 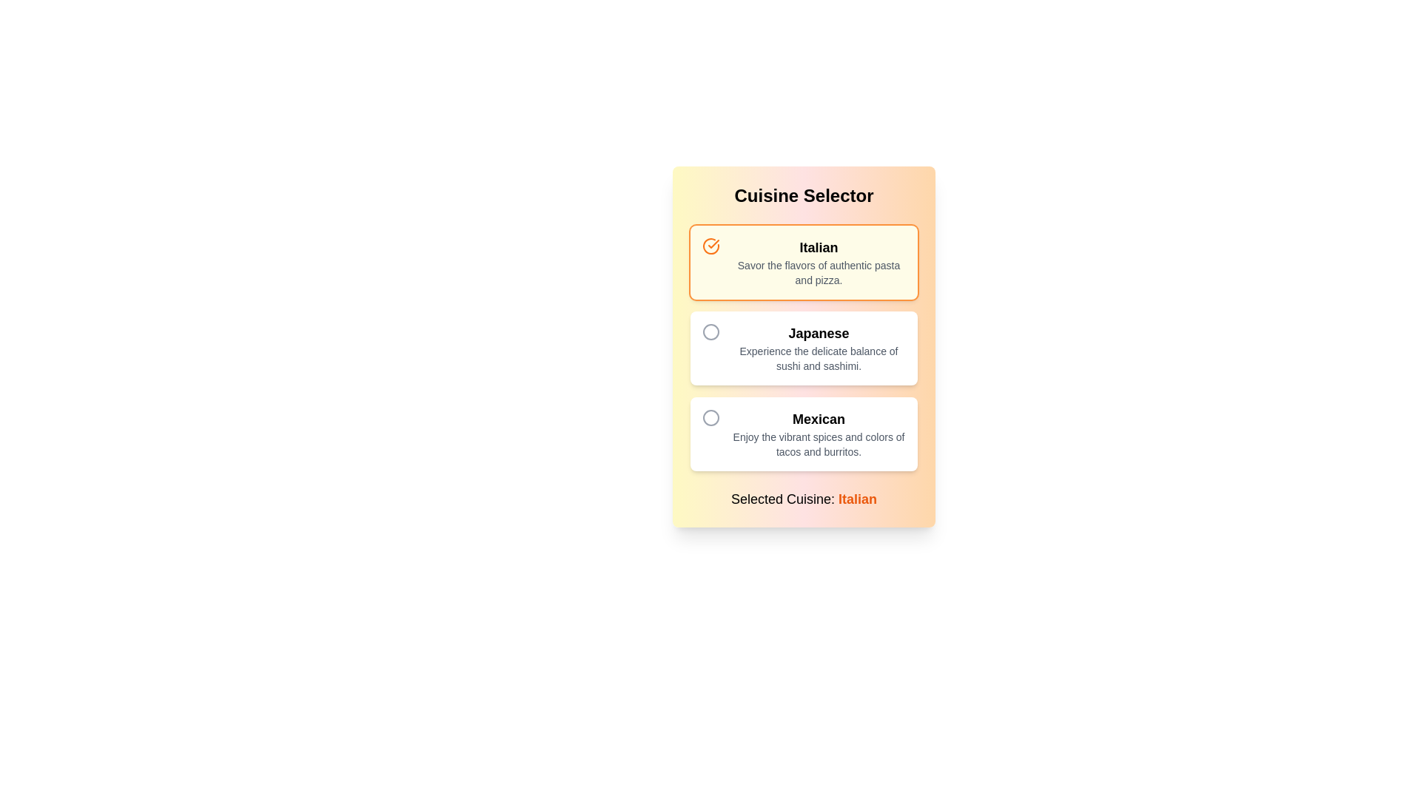 I want to click on the 'Mexican' text block which is the third item in a vertical list of selectable card-like items, styled with bold heading and description, so click(x=818, y=433).